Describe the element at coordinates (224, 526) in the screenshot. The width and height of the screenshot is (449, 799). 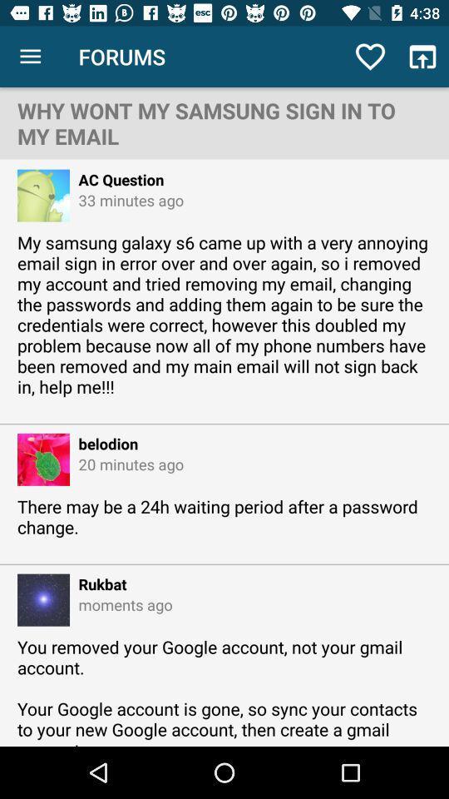
I see `there may be icon` at that location.